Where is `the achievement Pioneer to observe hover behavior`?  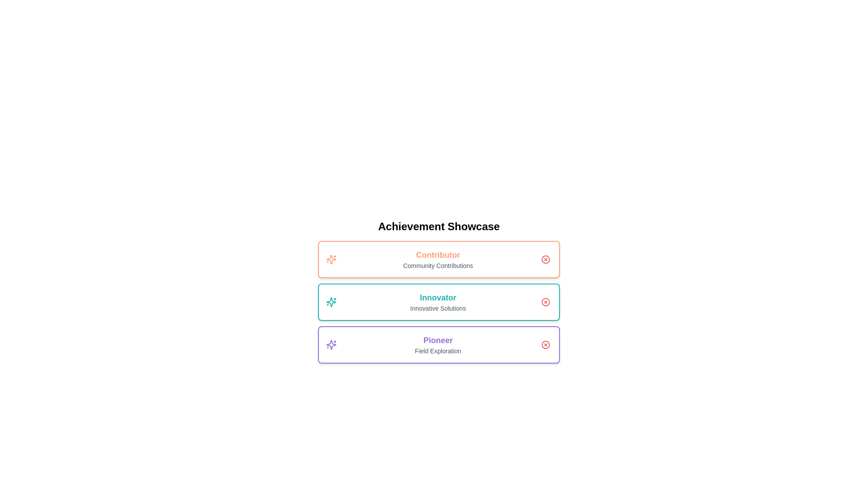 the achievement Pioneer to observe hover behavior is located at coordinates (439, 344).